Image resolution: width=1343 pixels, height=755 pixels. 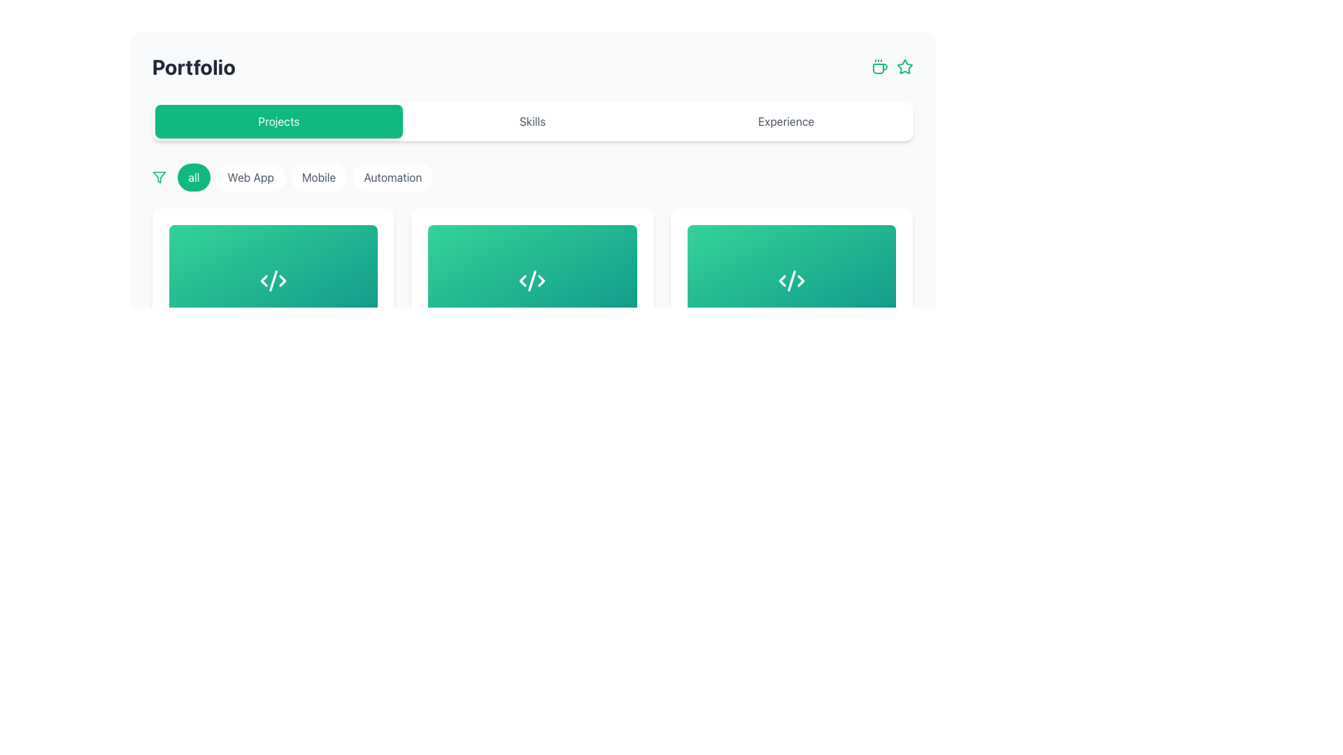 I want to click on the 'Mobile' filter button located in the portfolio section, so click(x=304, y=177).